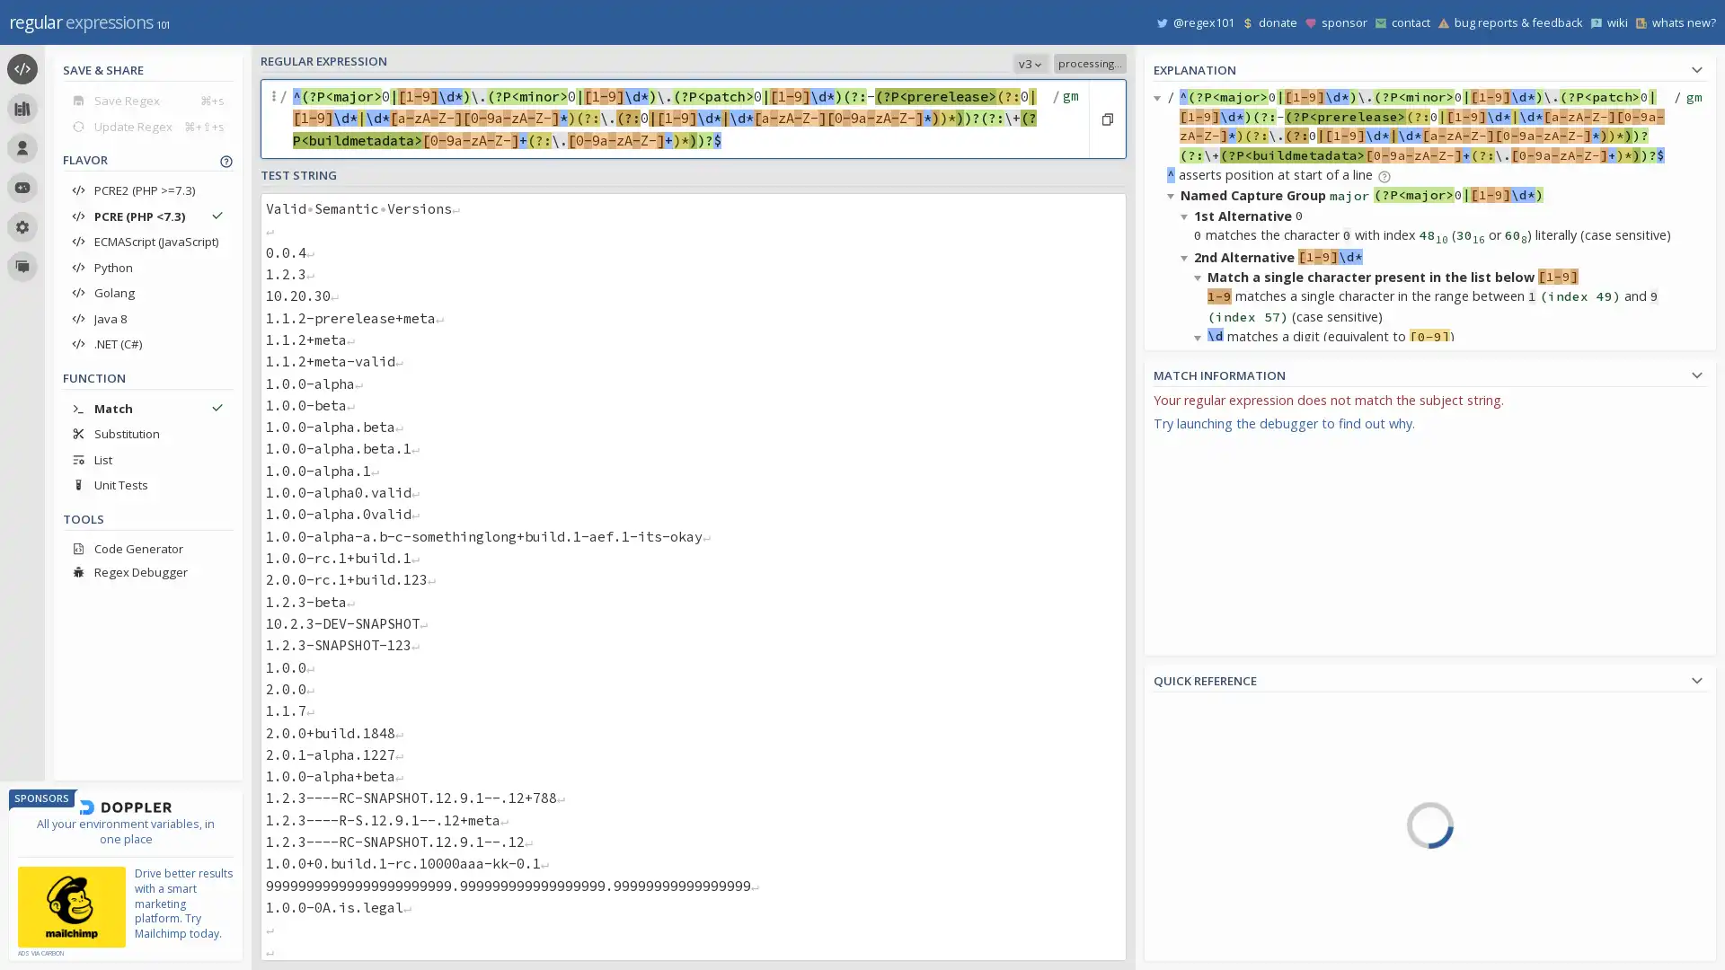 This screenshot has height=970, width=1725. I want to click on Unit Tests, so click(147, 485).